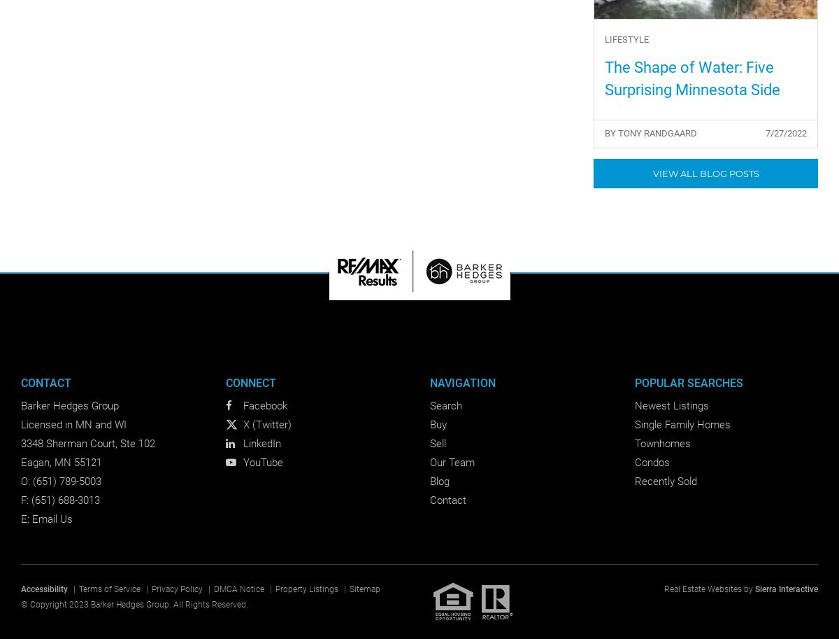 This screenshot has height=639, width=839. I want to click on 'Recently Sold', so click(633, 482).